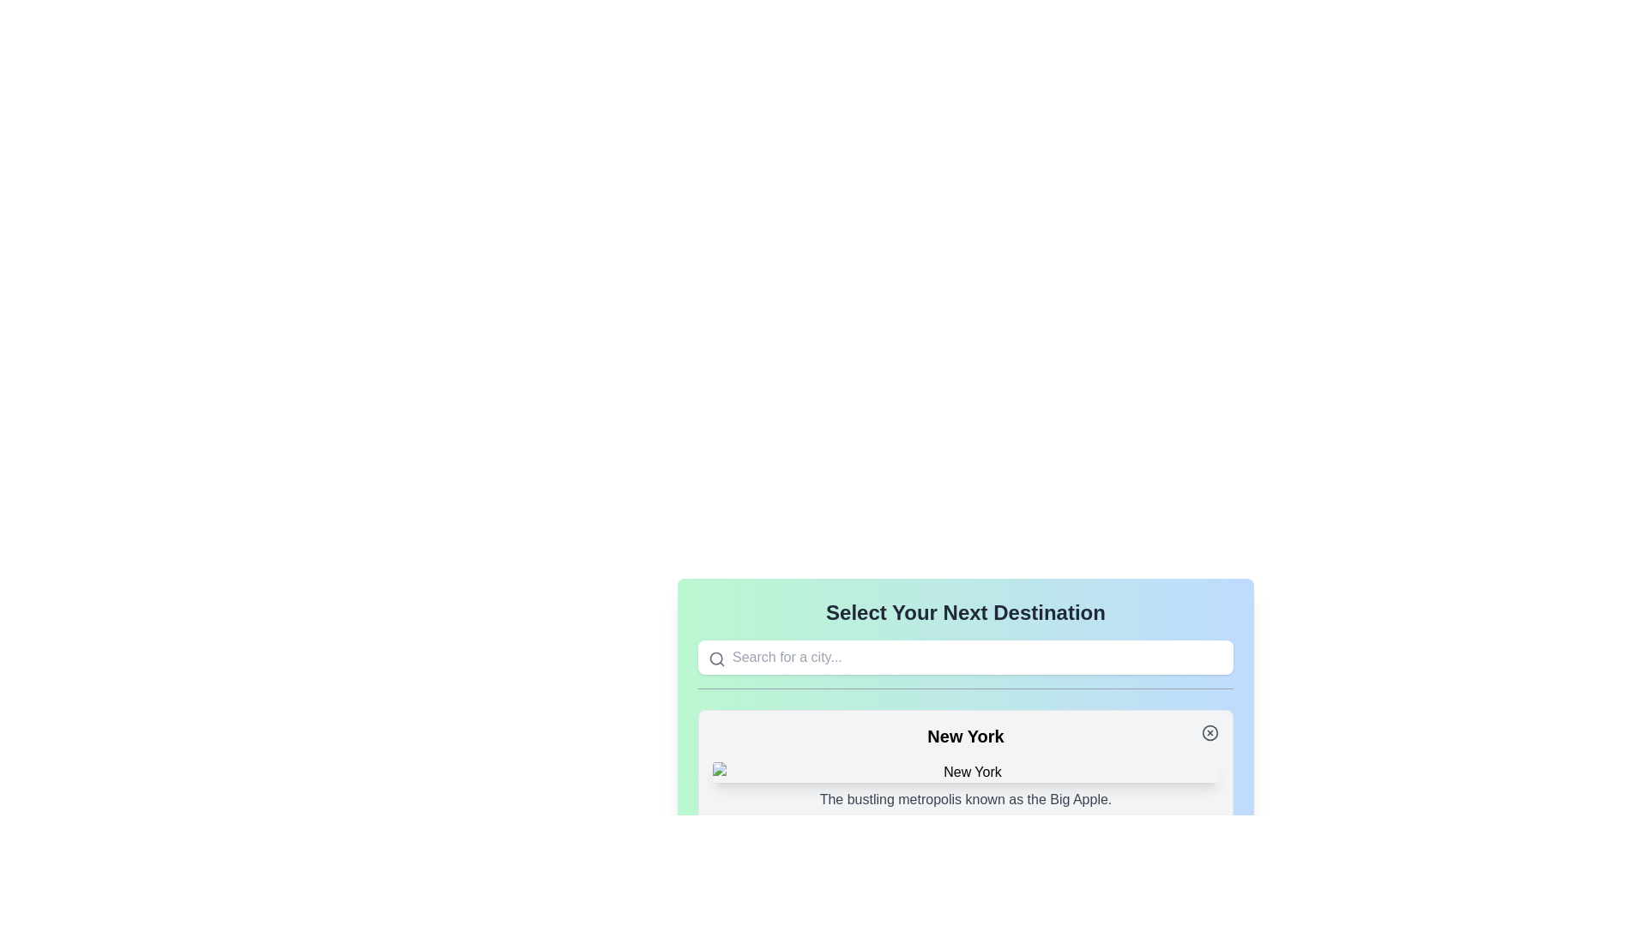  What do you see at coordinates (716, 658) in the screenshot?
I see `the magnifying glass icon styled as an SVG element, which is located at the left edge of the input field for 'Search for a city...'` at bounding box center [716, 658].